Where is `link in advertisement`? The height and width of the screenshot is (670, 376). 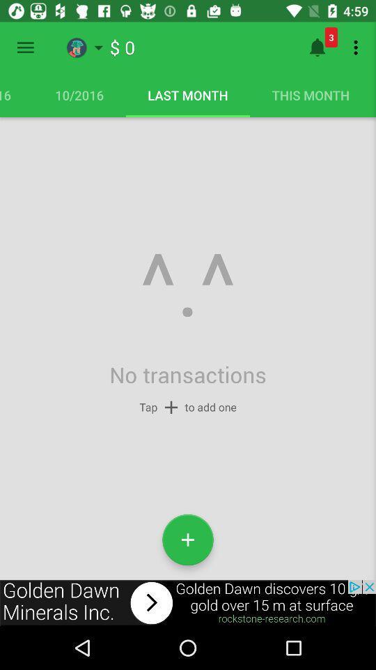 link in advertisement is located at coordinates (188, 602).